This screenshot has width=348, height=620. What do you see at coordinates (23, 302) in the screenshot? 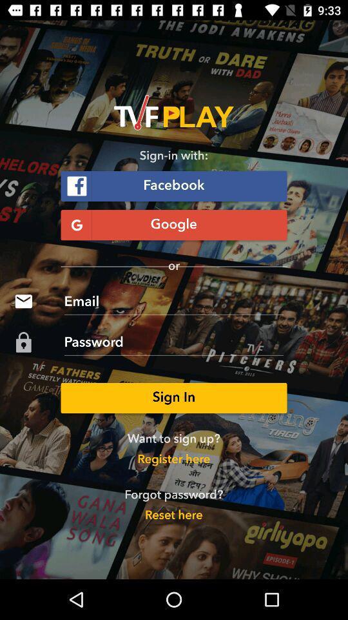
I see `the icon which is before email on page` at bounding box center [23, 302].